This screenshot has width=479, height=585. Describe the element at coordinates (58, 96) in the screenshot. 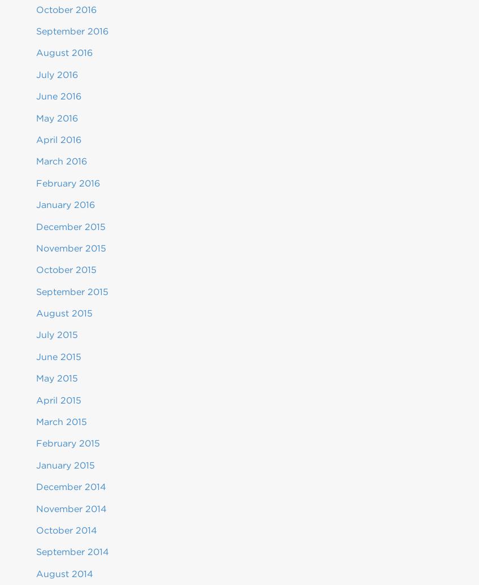

I see `'June 2016'` at that location.